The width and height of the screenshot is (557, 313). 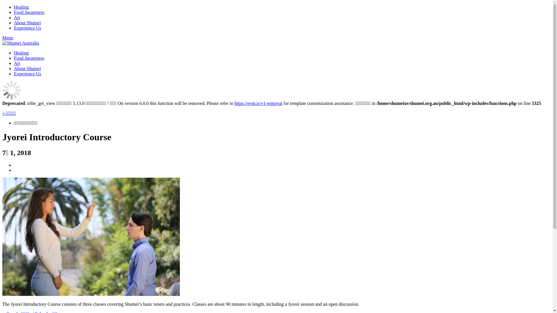 What do you see at coordinates (27, 68) in the screenshot?
I see `'About Shumei'` at bounding box center [27, 68].